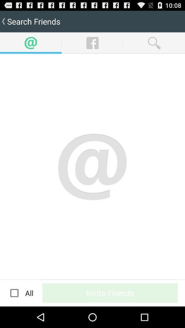  What do you see at coordinates (14, 292) in the screenshot?
I see `the icon next to all` at bounding box center [14, 292].